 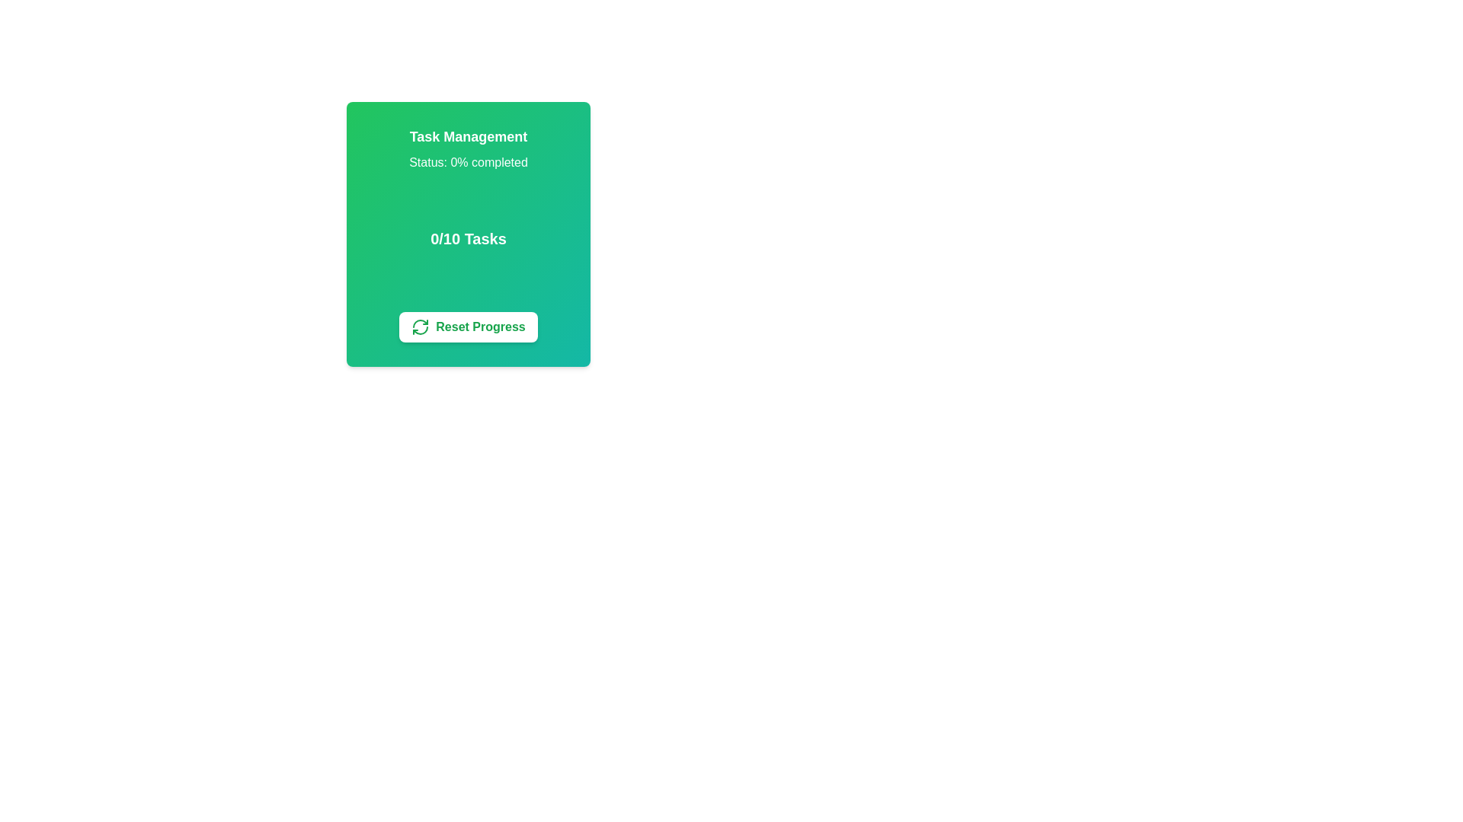 What do you see at coordinates (467, 326) in the screenshot?
I see `the 'Reset Progress' button, which is styled with a rounded rectangle shape, white background, and green text, located at the bottom of the 'Task Management' card` at bounding box center [467, 326].